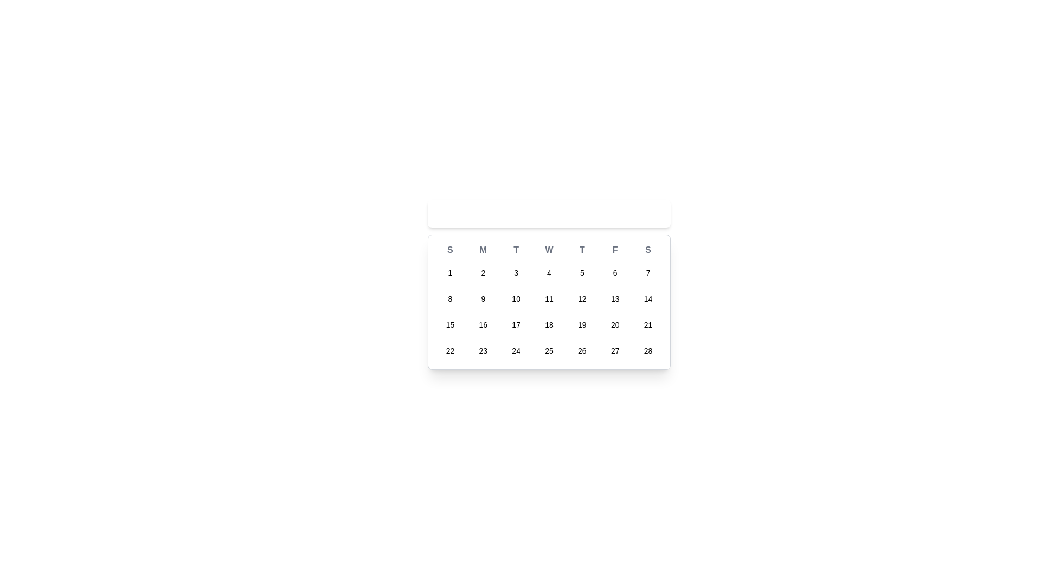 The width and height of the screenshot is (1041, 585). What do you see at coordinates (483, 351) in the screenshot?
I see `the calendar button representing a date in the fourth row and sixth column` at bounding box center [483, 351].